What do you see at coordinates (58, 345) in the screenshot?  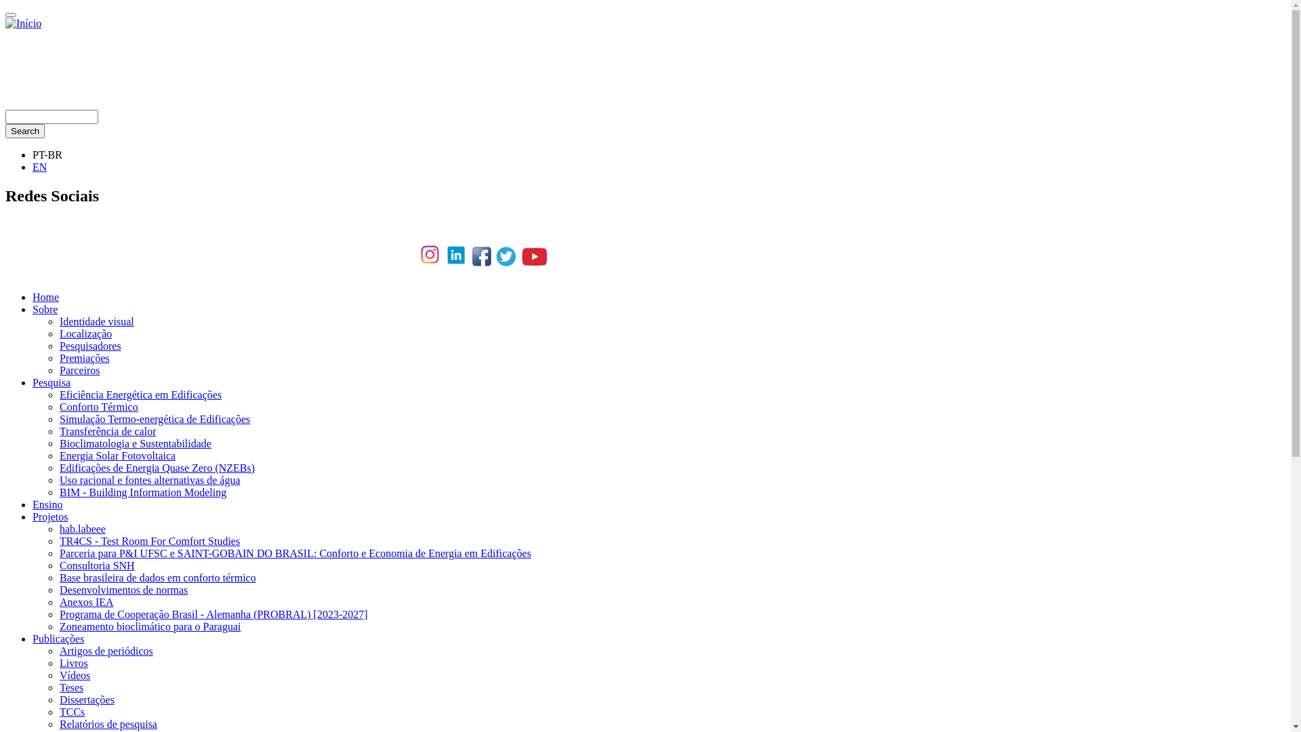 I see `'Pesquisadores'` at bounding box center [58, 345].